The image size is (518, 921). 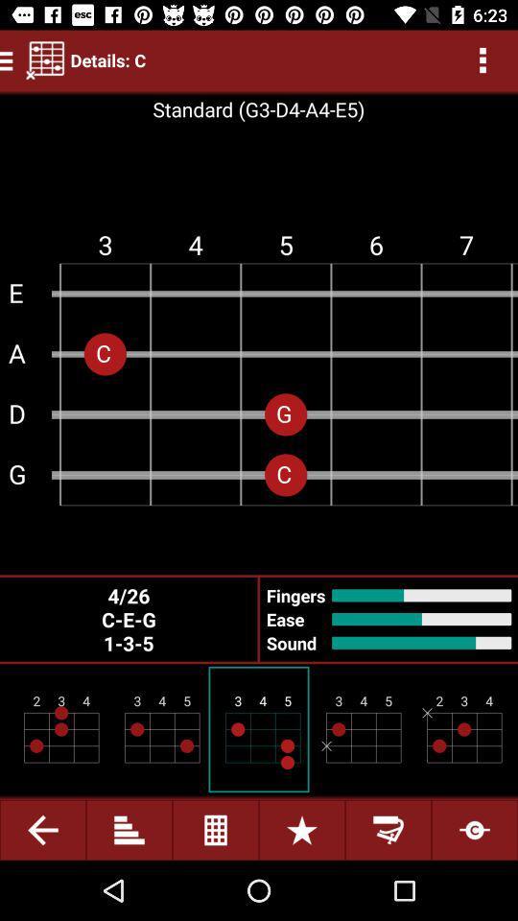 I want to click on right bottom corner icon, so click(x=474, y=829).